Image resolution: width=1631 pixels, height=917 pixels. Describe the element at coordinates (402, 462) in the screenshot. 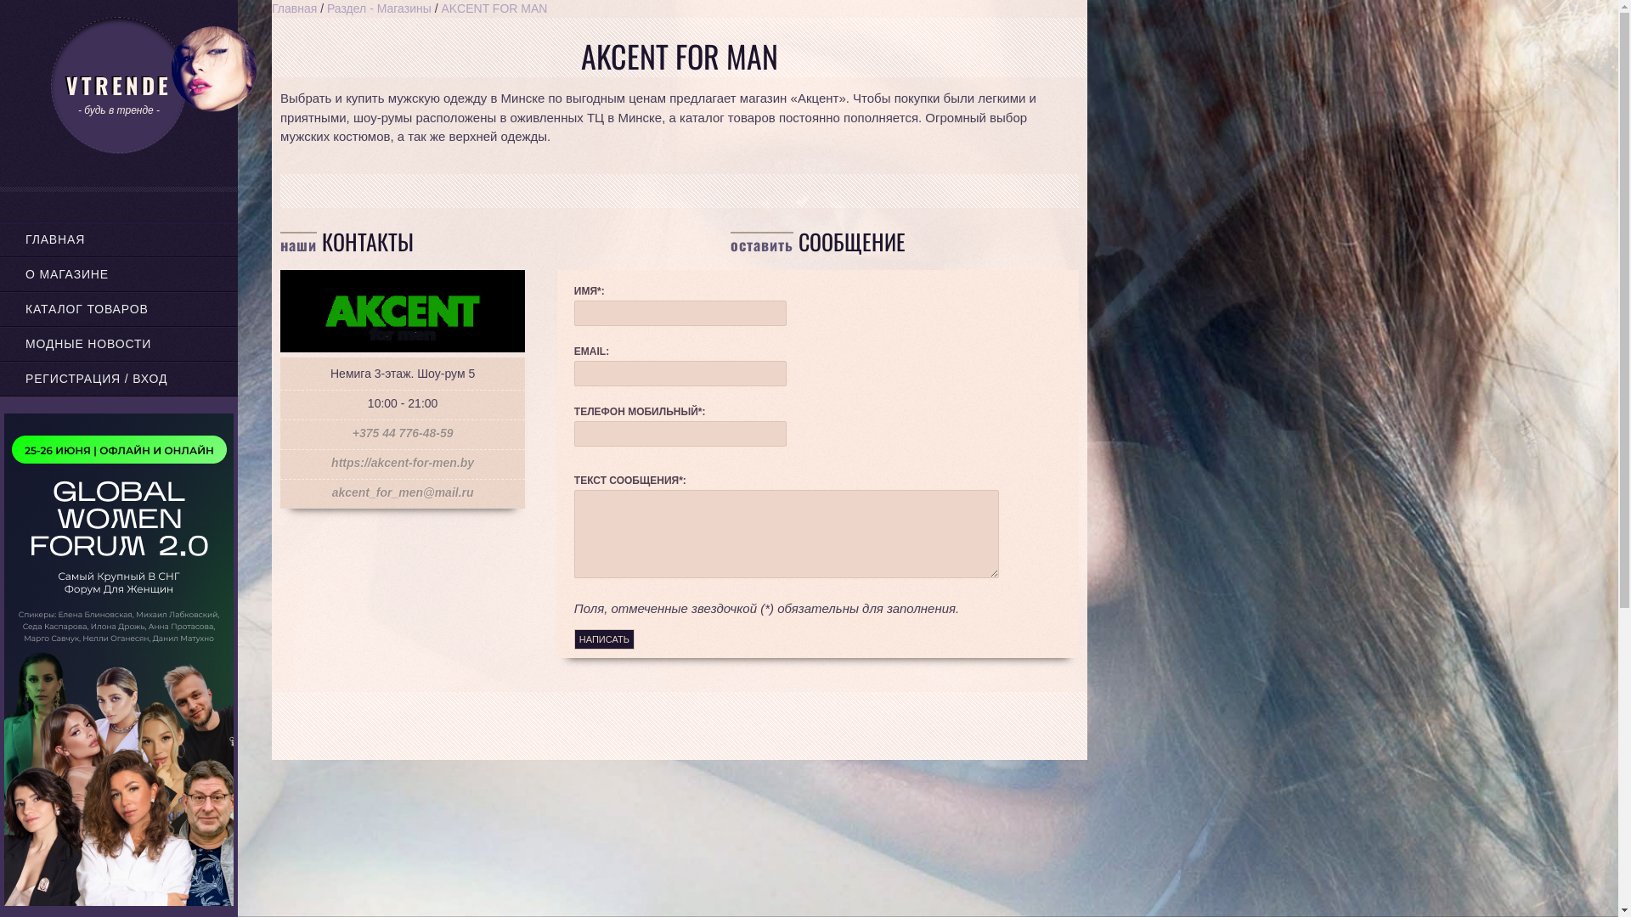

I see `'https://akcent-for-men.by'` at that location.